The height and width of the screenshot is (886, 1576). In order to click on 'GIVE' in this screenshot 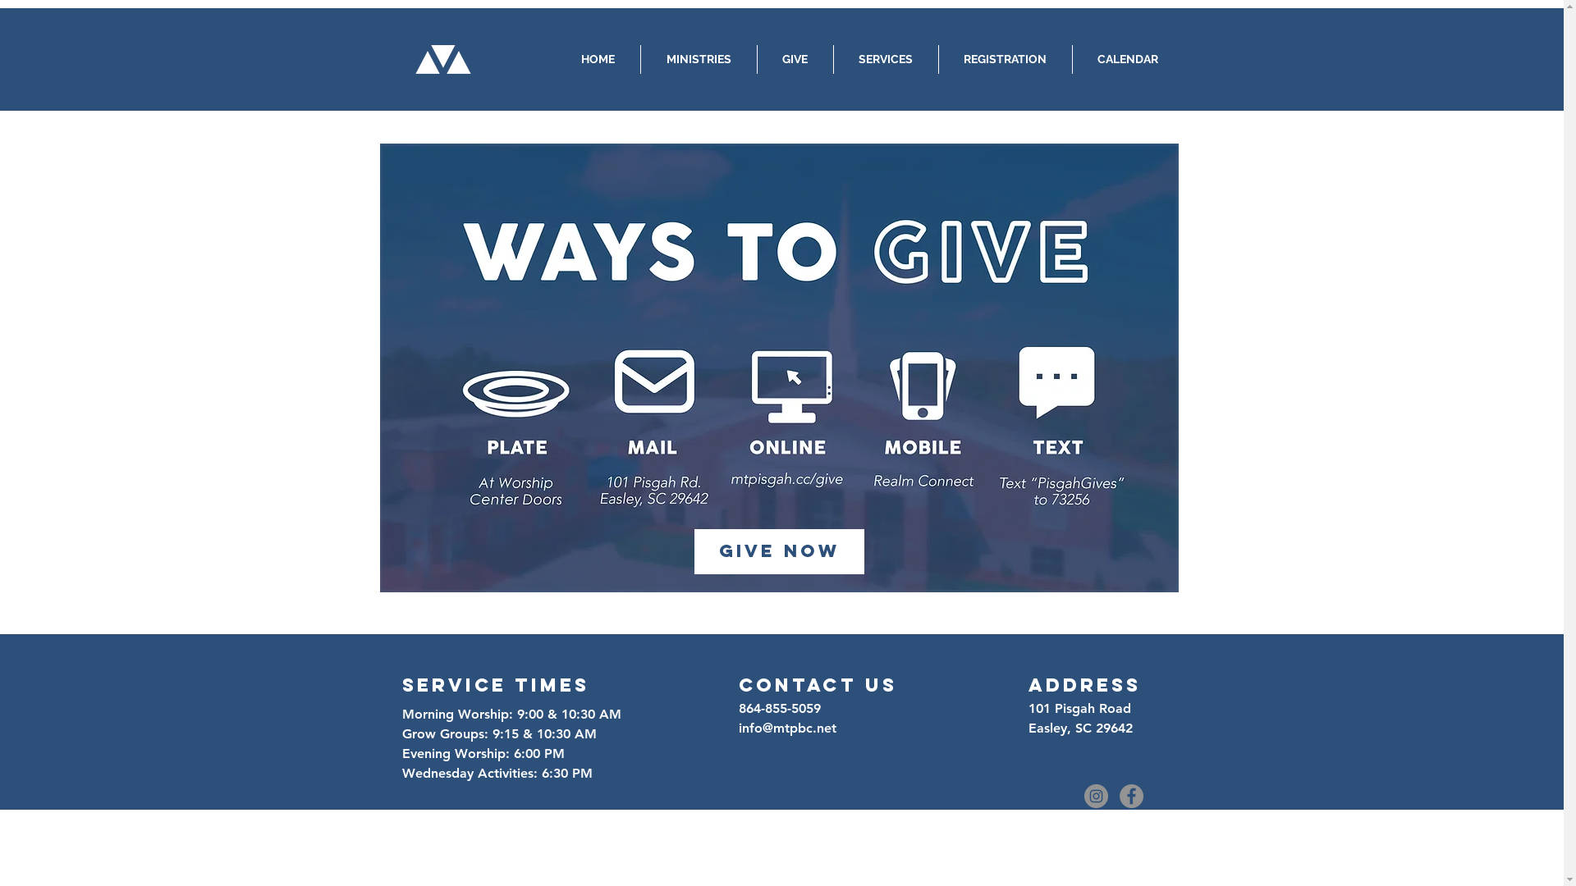, I will do `click(795, 58)`.